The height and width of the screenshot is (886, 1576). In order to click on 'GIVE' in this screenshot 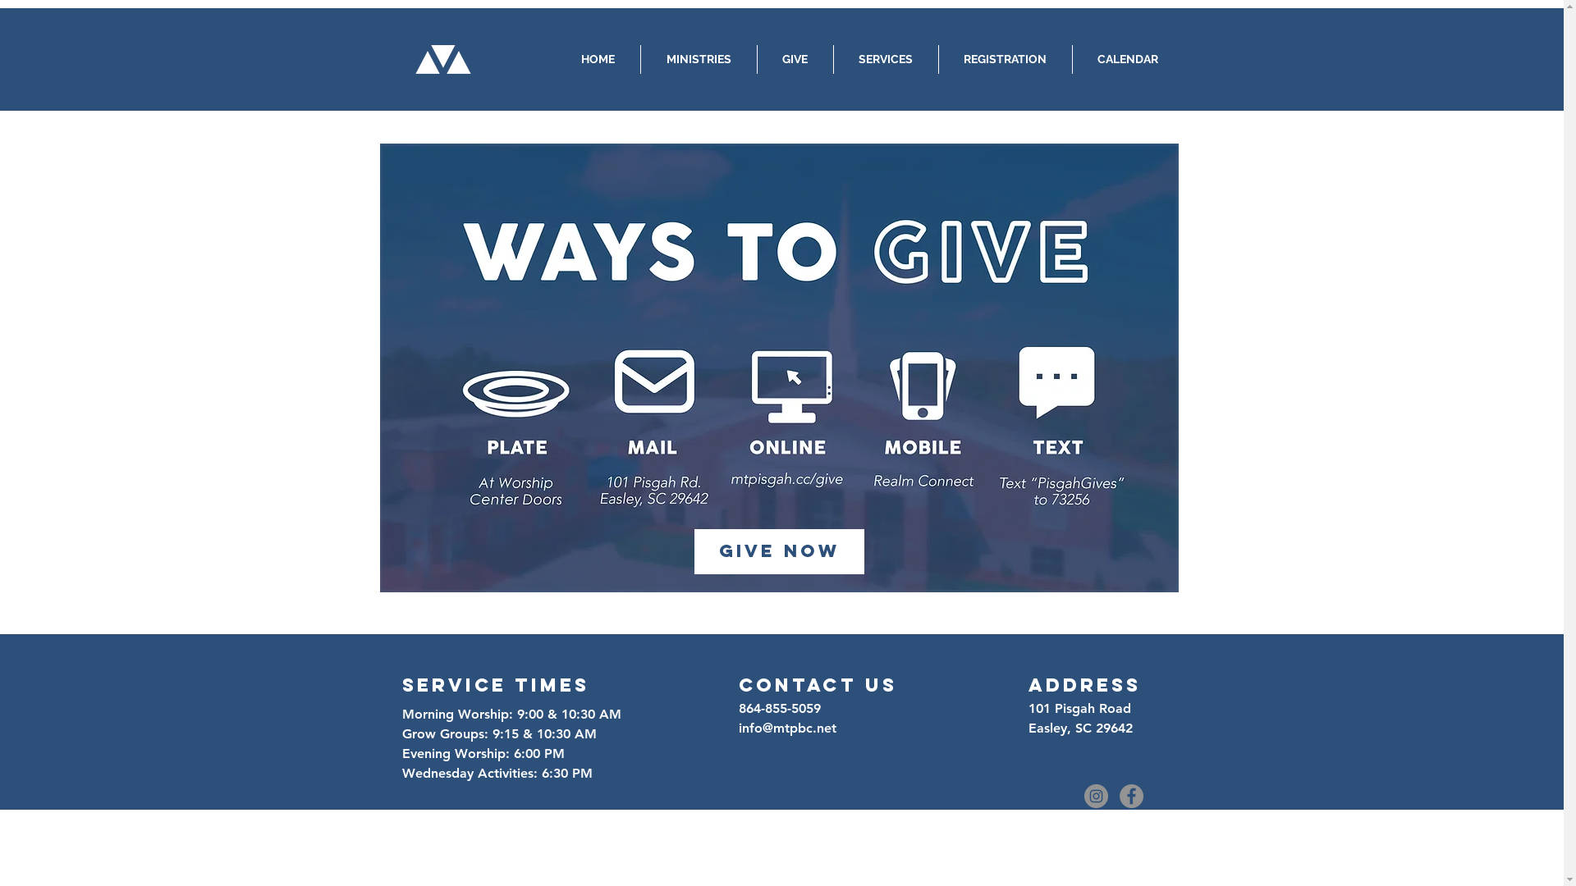, I will do `click(795, 58)`.